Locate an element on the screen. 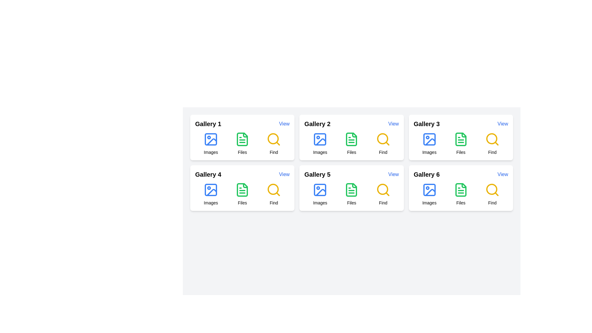 The height and width of the screenshot is (333, 592). the 'Images' icon, which is a rectangular blue-themed element with a picture symbol above the text, located as the leftmost icon in the 'Gallery 6' section is located at coordinates (429, 194).